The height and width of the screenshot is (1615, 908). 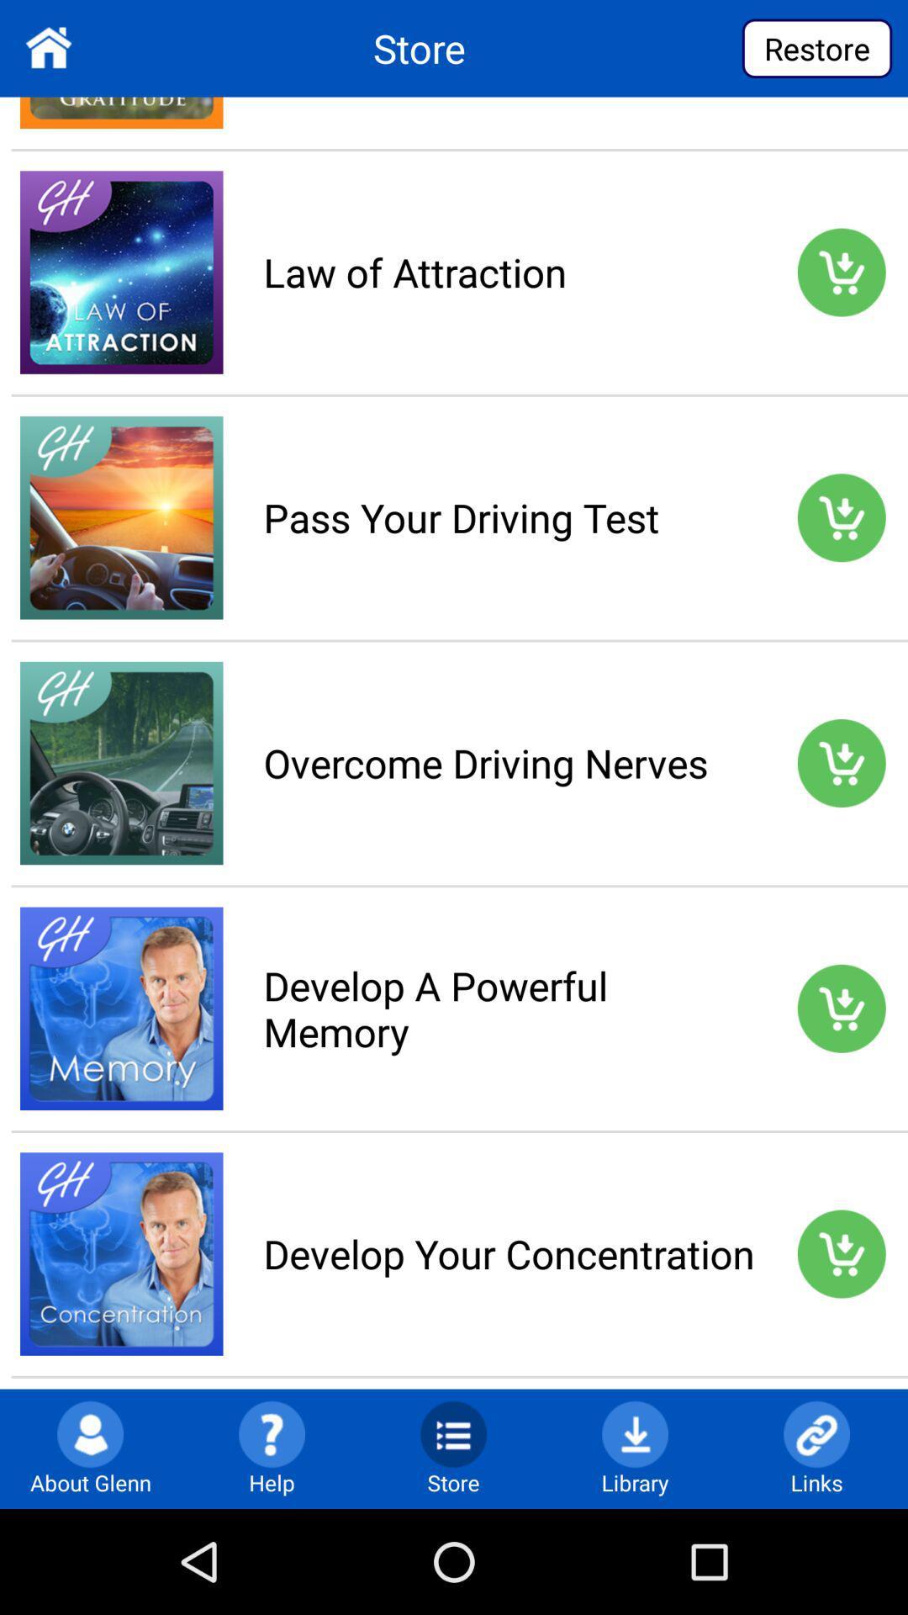 I want to click on the develop your concentration app, so click(x=508, y=1253).